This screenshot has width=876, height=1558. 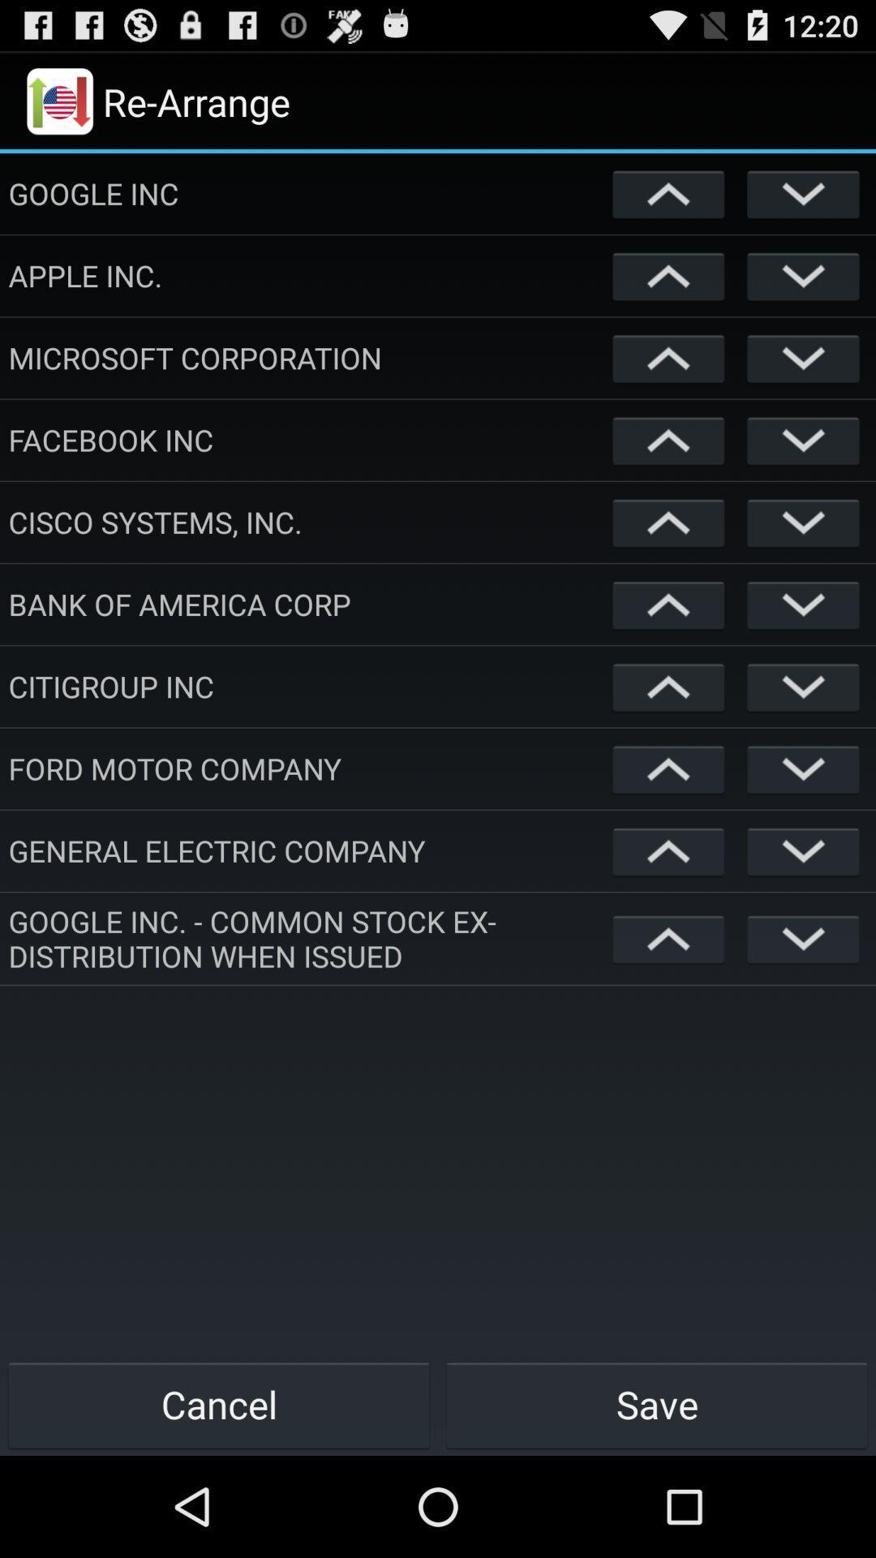 What do you see at coordinates (307, 357) in the screenshot?
I see `the microsoft corporation icon` at bounding box center [307, 357].